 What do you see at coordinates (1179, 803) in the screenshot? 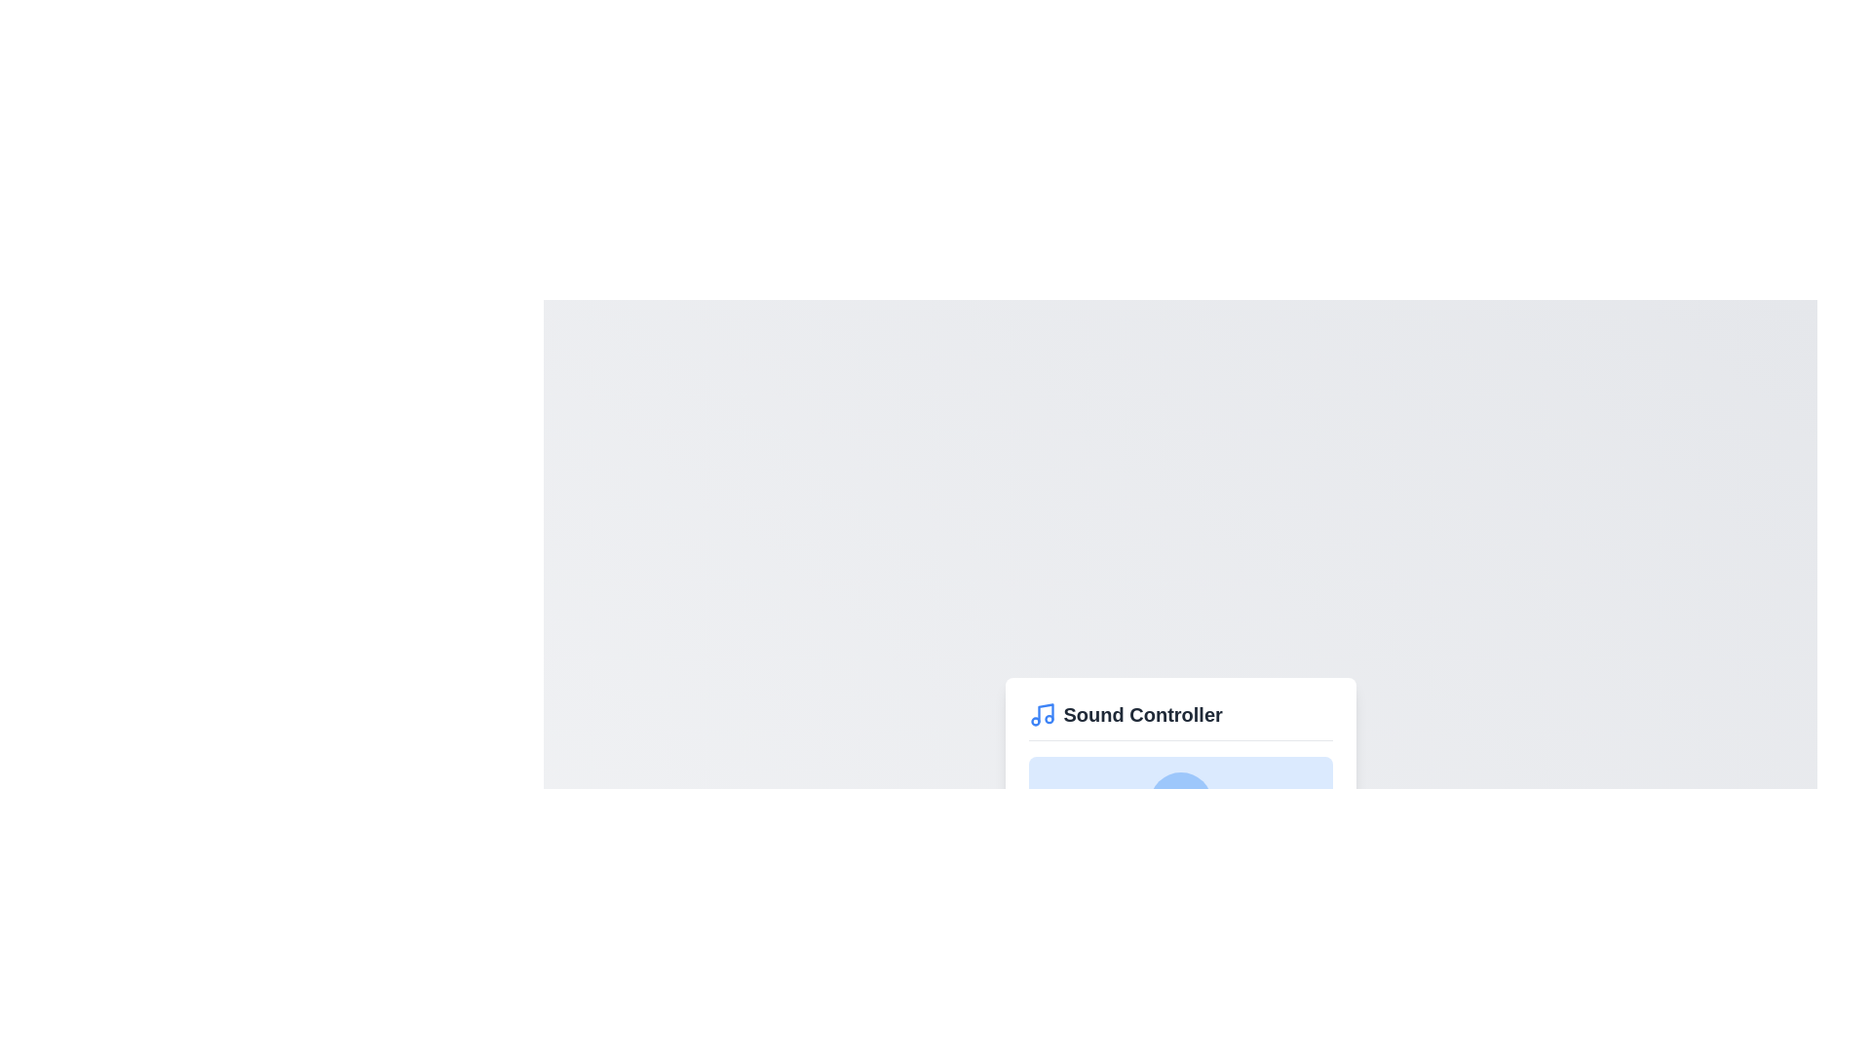
I see `the graphical volume icon to interact with it` at bounding box center [1179, 803].